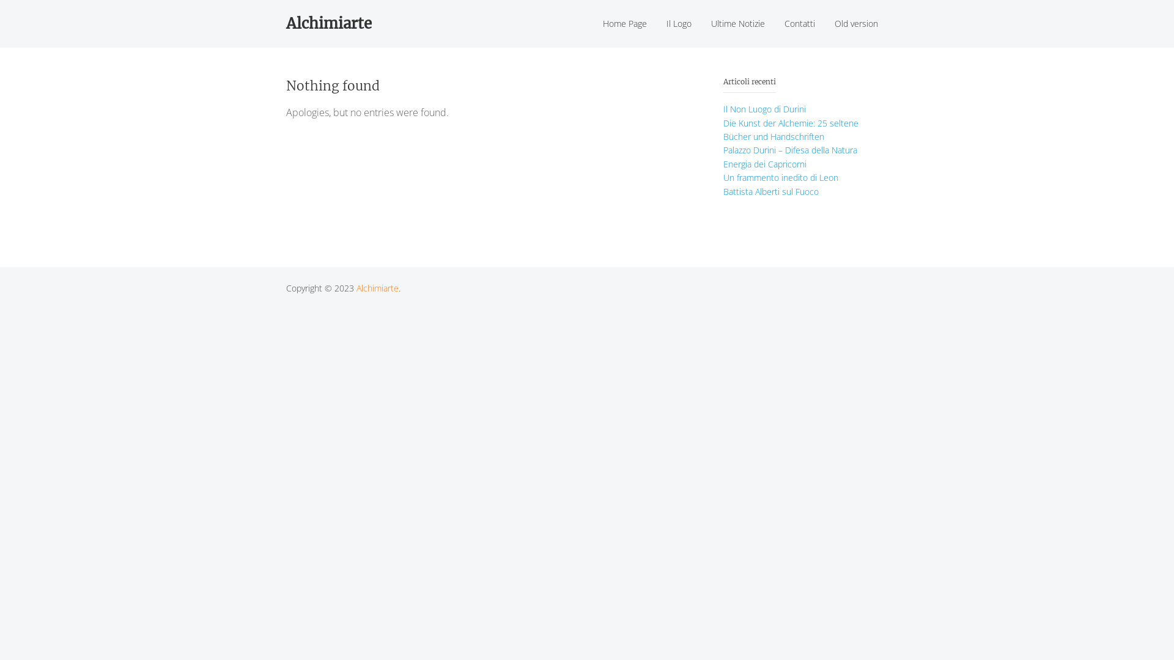  Describe the element at coordinates (737, 23) in the screenshot. I see `'Ultime Notizie'` at that location.